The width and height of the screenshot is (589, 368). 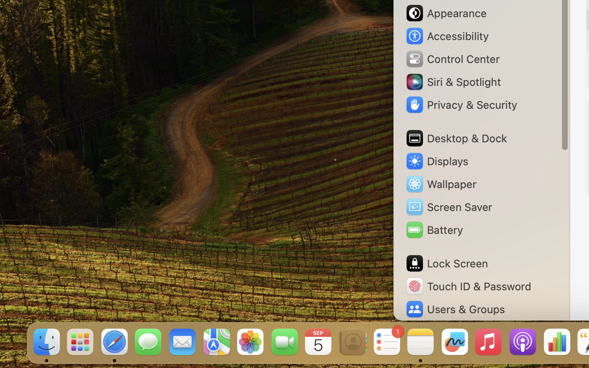 I want to click on 'Lock Screen', so click(x=446, y=263).